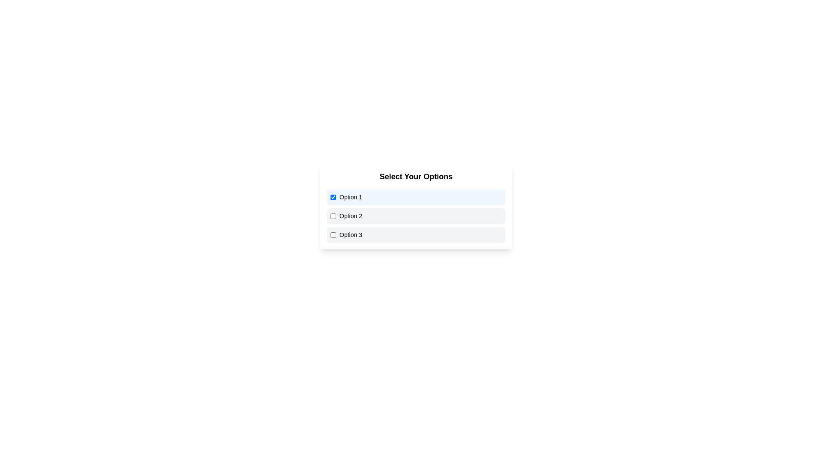 The height and width of the screenshot is (462, 822). Describe the element at coordinates (416, 216) in the screenshot. I see `the 'Option 2' checkbox` at that location.